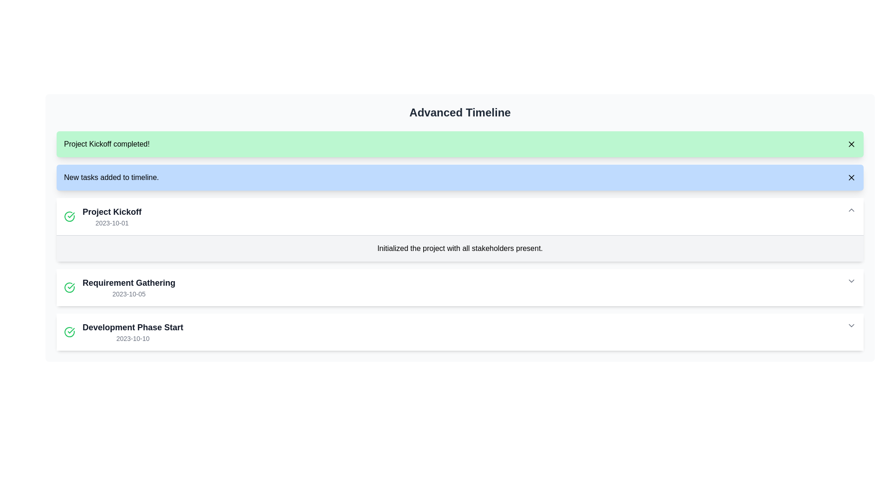 The height and width of the screenshot is (501, 891). Describe the element at coordinates (851, 280) in the screenshot. I see `the interactive toggle icon, which is a downward-pointing gray chevron that changes to blue when hovered, located next to the 'Requirement Gathering' text box` at that location.